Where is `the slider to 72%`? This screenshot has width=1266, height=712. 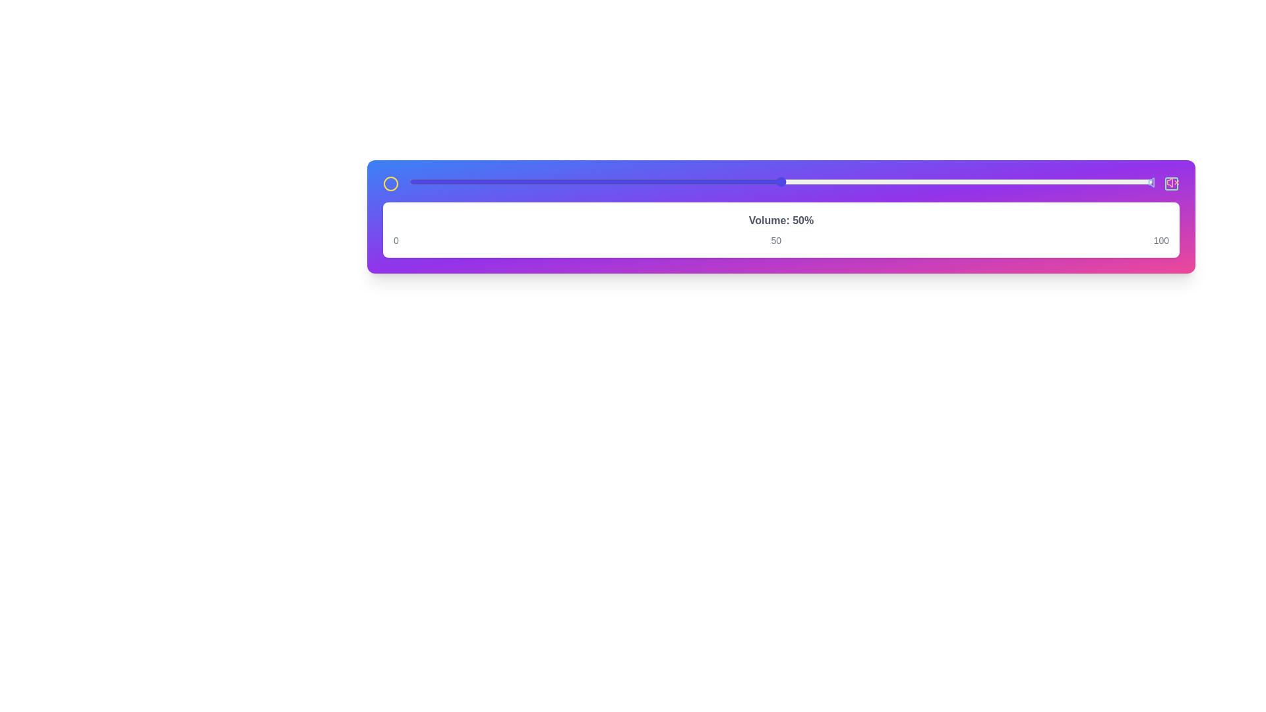
the slider to 72% is located at coordinates (944, 182).